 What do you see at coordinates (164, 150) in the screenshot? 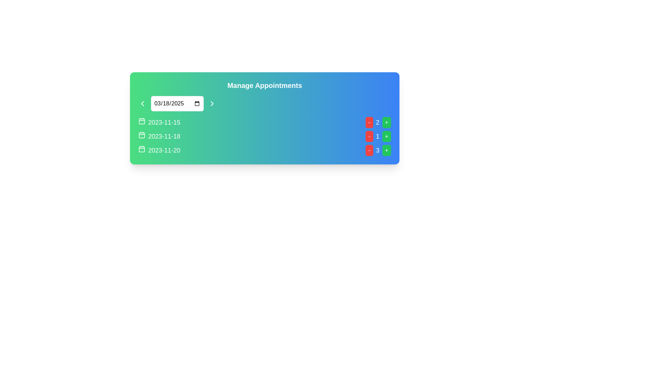
I see `the static text label displaying the date '2023-11-20', which is the third entry in a vertically-aligned list of date entries within a green-to-blue gradient panel` at bounding box center [164, 150].